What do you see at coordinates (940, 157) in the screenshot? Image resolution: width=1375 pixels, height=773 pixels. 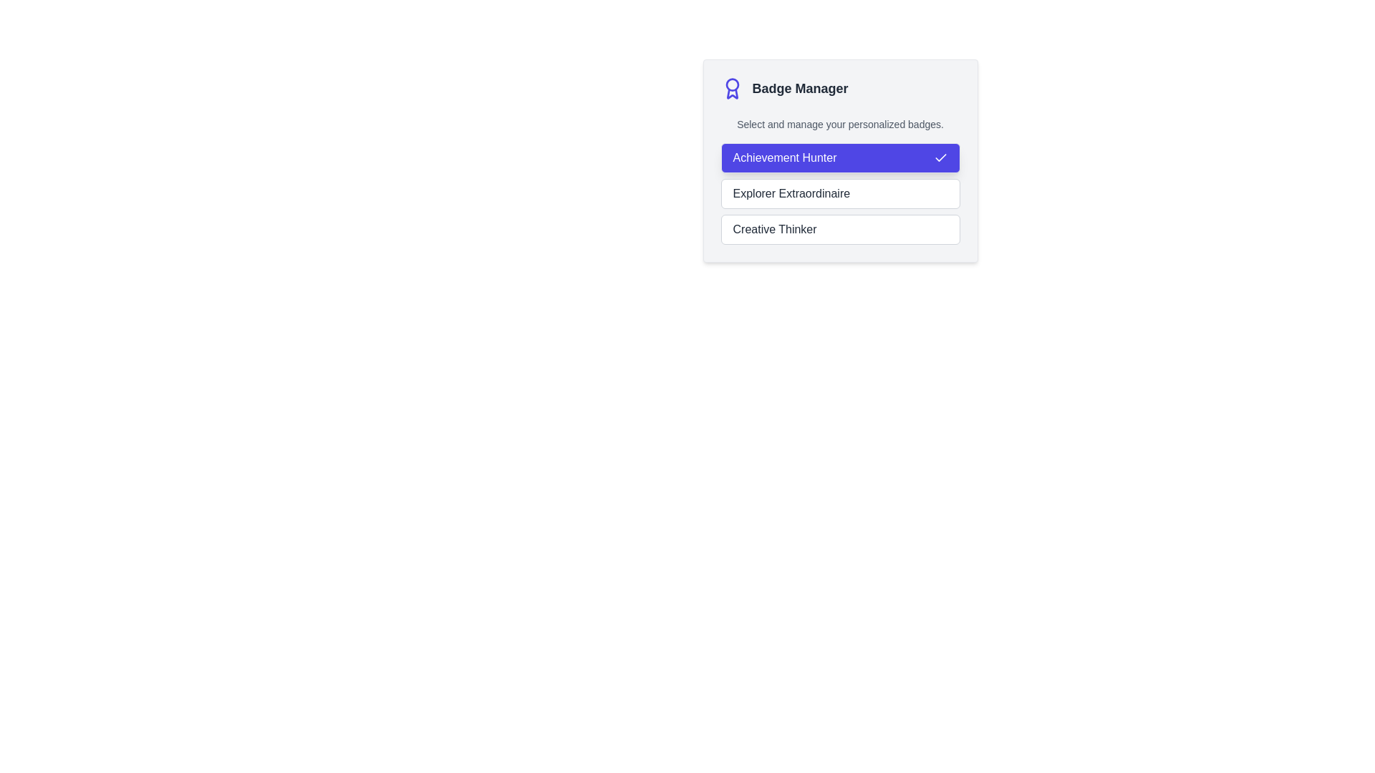 I see `the Selection indicator icon, which indicates that the 'Achievement Hunter' option is selected, located at the upper-right corner of the 'Achievement Hunter' button` at bounding box center [940, 157].